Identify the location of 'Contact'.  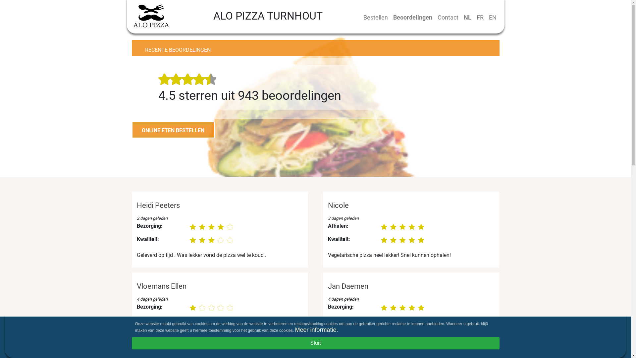
(448, 17).